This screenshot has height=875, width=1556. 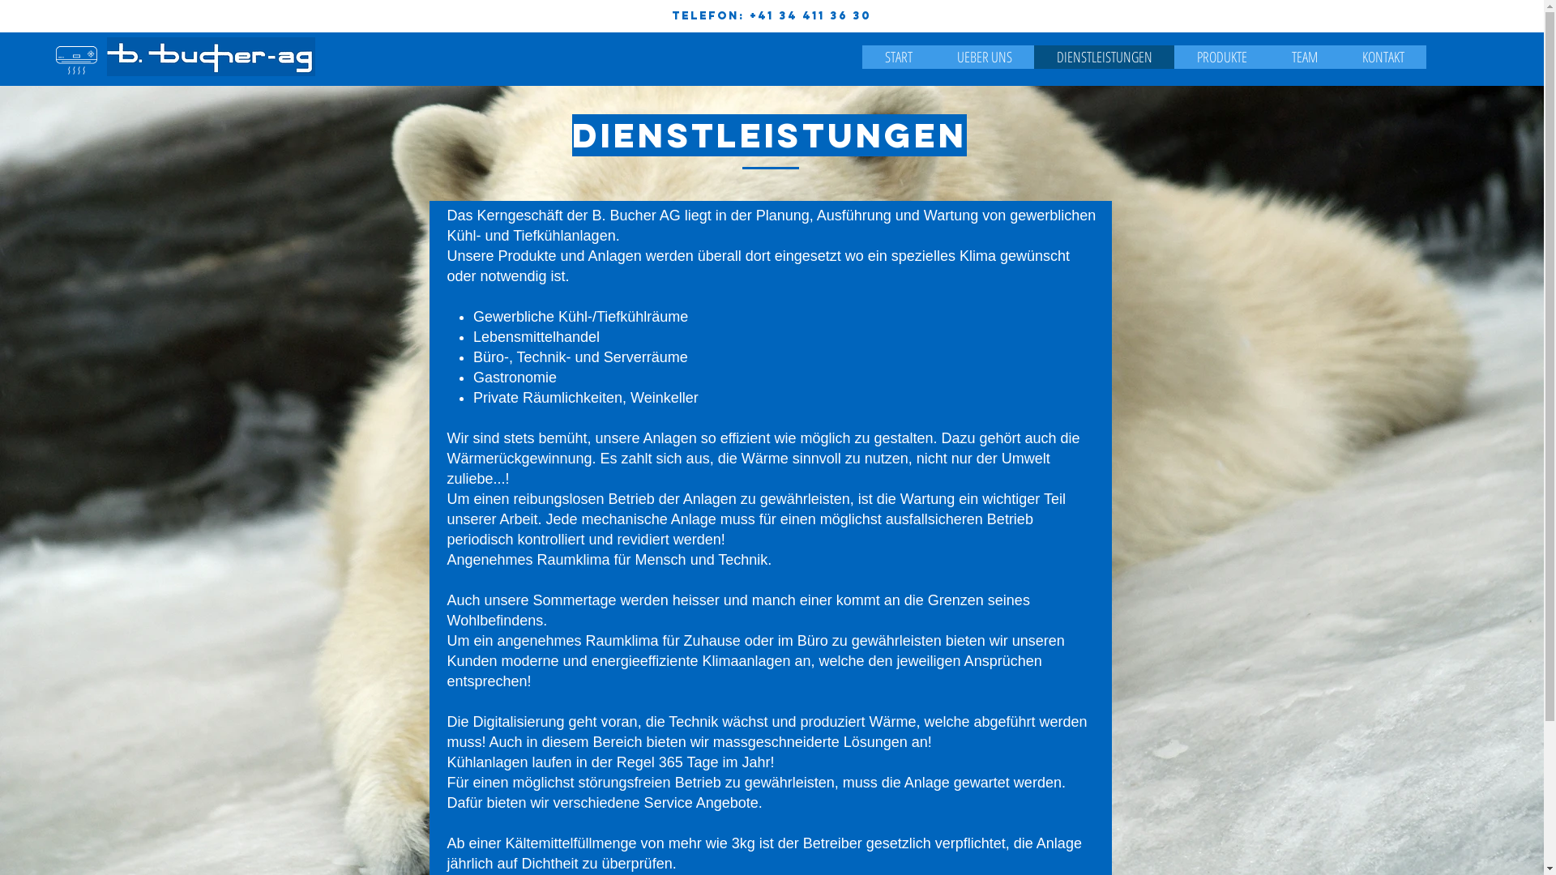 What do you see at coordinates (934, 56) in the screenshot?
I see `'UEBER UNS'` at bounding box center [934, 56].